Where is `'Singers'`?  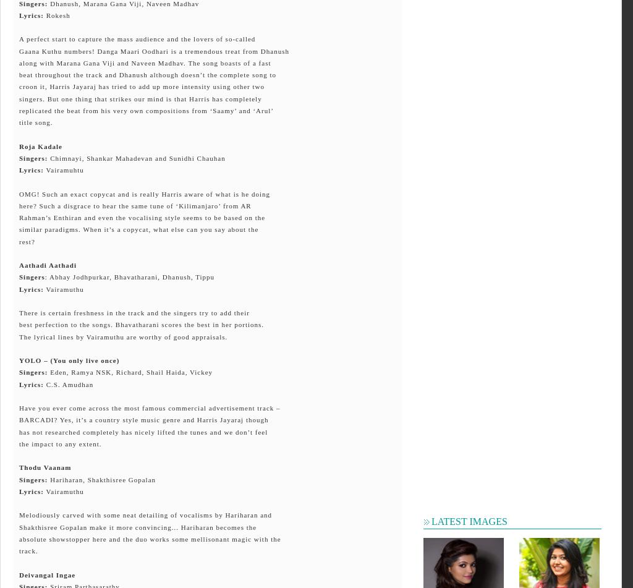 'Singers' is located at coordinates (31, 277).